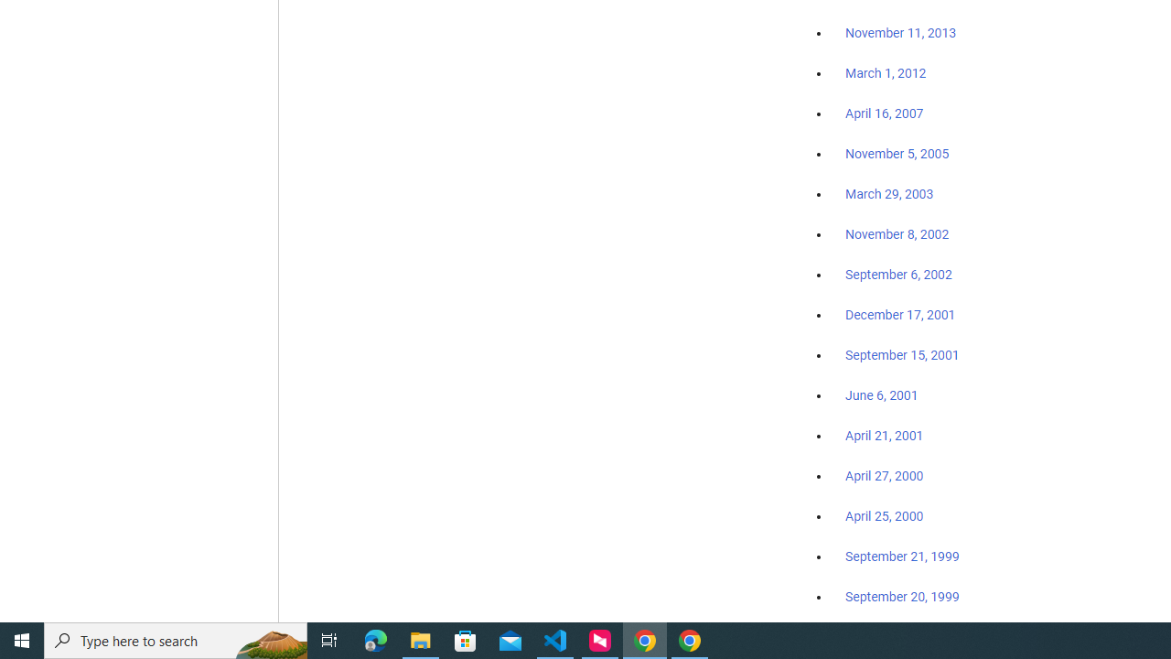 This screenshot has width=1171, height=659. What do you see at coordinates (902, 354) in the screenshot?
I see `'September 15, 2001'` at bounding box center [902, 354].